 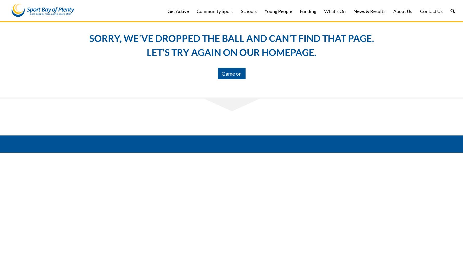 I want to click on 'Game on', so click(x=231, y=74).